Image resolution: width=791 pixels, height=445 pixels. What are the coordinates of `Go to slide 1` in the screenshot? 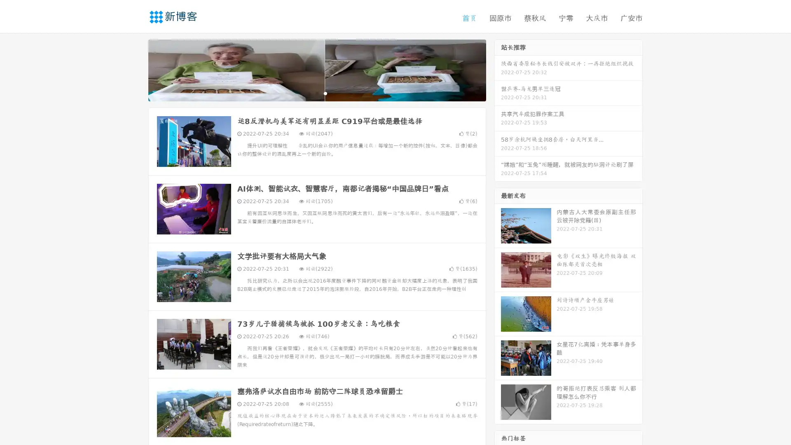 It's located at (308, 93).